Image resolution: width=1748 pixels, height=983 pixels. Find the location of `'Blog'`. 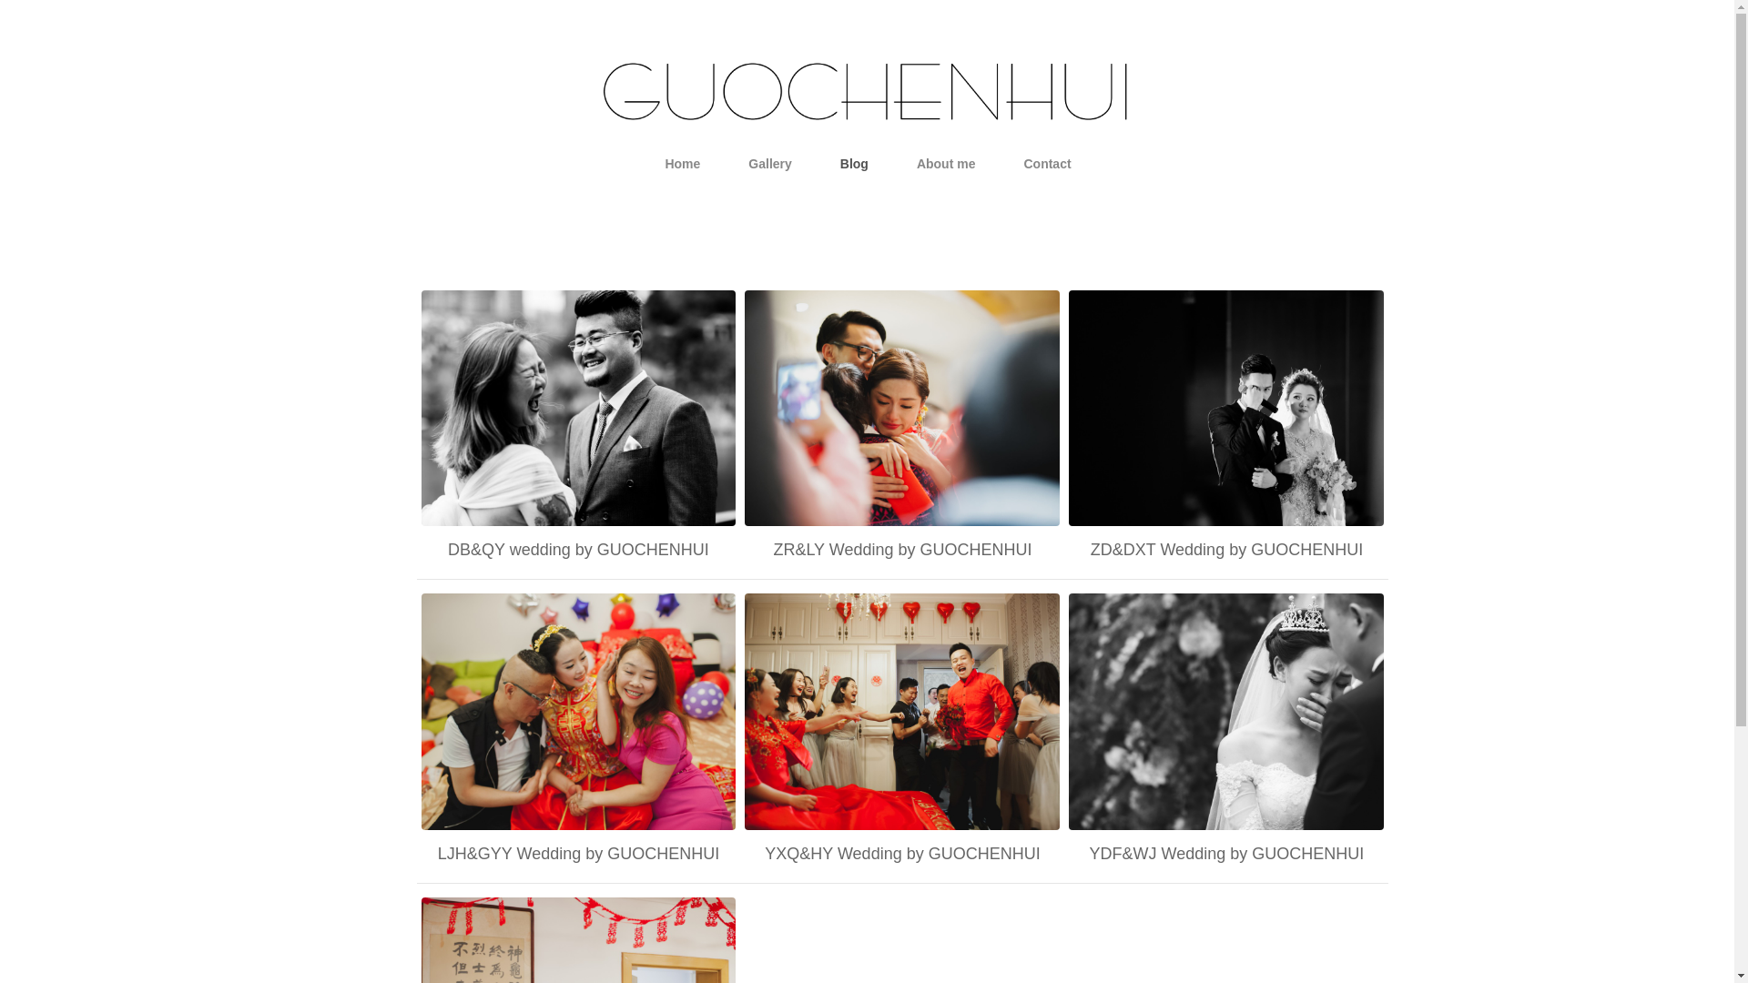

'Blog' is located at coordinates (853, 164).